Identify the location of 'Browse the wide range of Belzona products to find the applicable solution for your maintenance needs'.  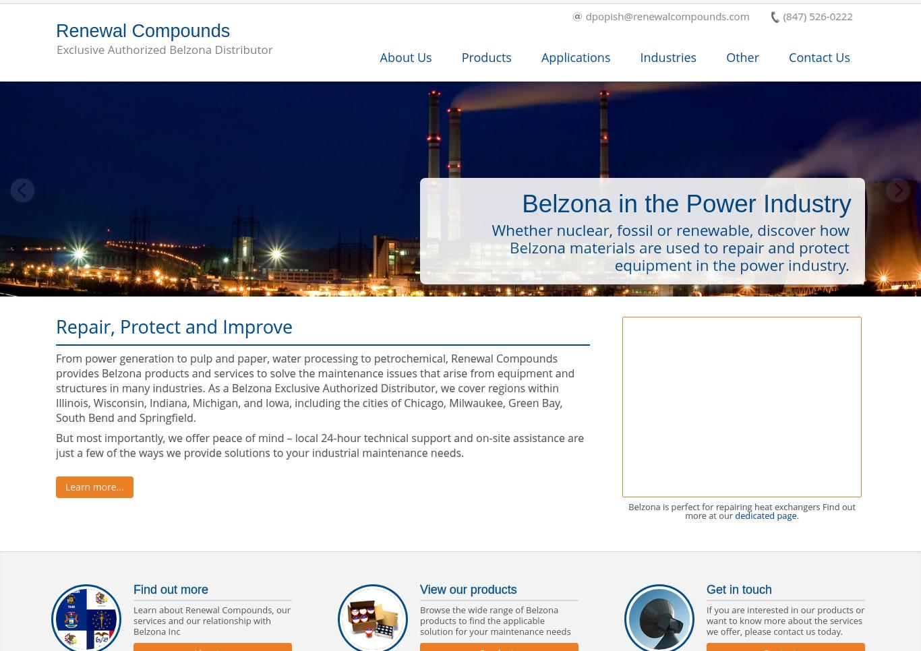
(419, 619).